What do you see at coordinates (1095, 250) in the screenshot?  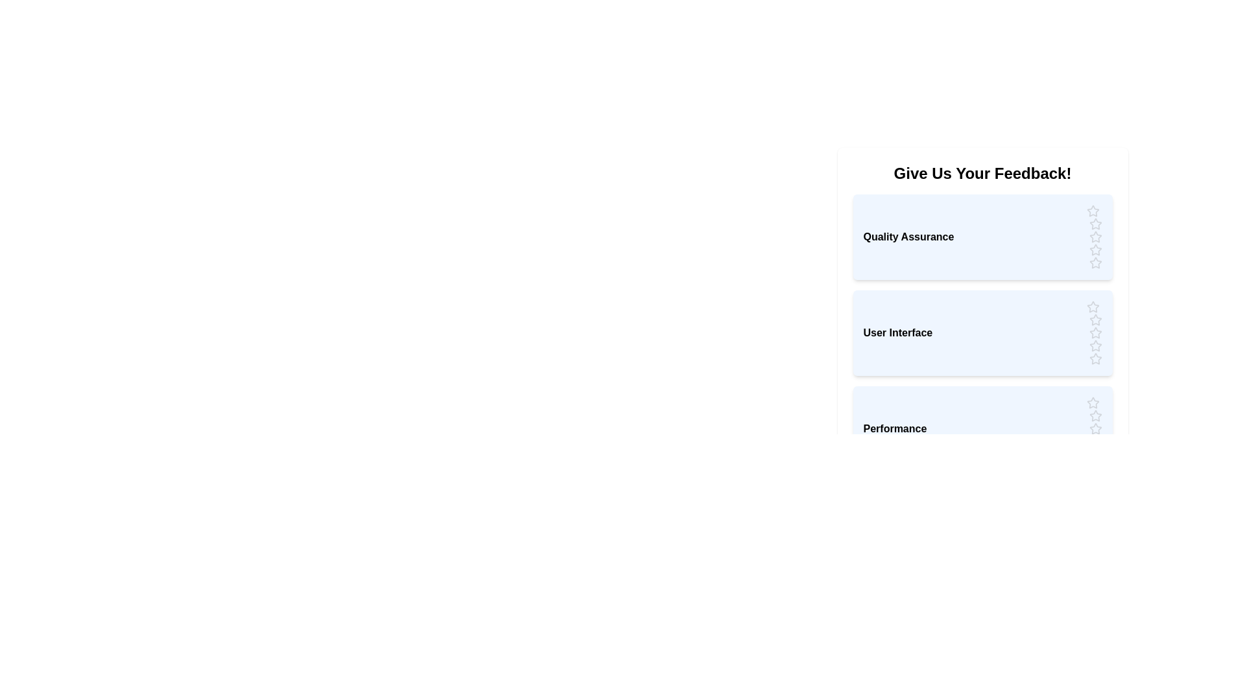 I see `the rating for the category 'Quality Assurance' to 4 stars` at bounding box center [1095, 250].